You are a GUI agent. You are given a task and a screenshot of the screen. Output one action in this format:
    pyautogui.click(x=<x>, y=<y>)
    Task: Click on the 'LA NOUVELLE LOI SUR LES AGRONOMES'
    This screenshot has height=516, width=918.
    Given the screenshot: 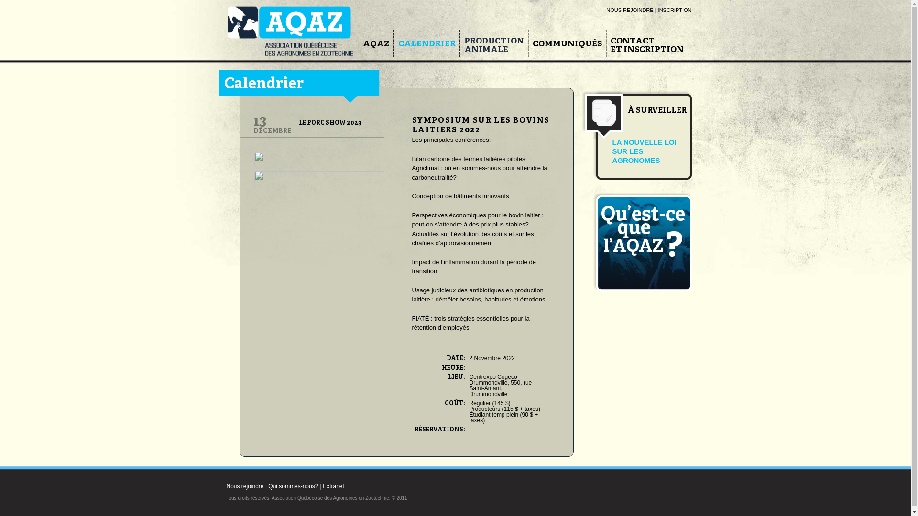 What is the action you would take?
    pyautogui.click(x=644, y=150)
    